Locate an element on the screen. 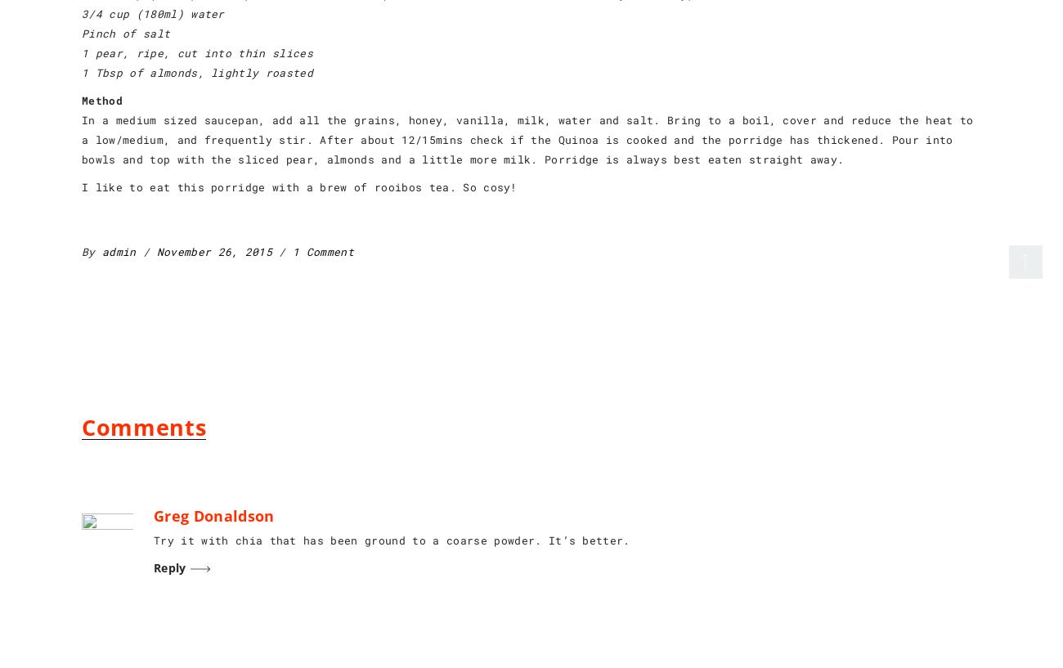 The image size is (1063, 668). '1 pear, ripe, cut into thin slices' is located at coordinates (196, 52).